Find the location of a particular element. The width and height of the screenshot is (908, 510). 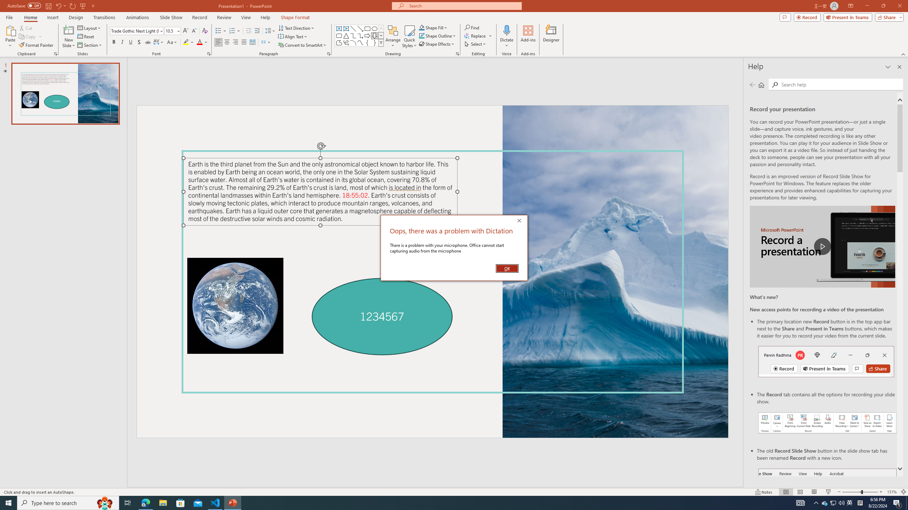

'Convert to SmartArt' is located at coordinates (302, 45).